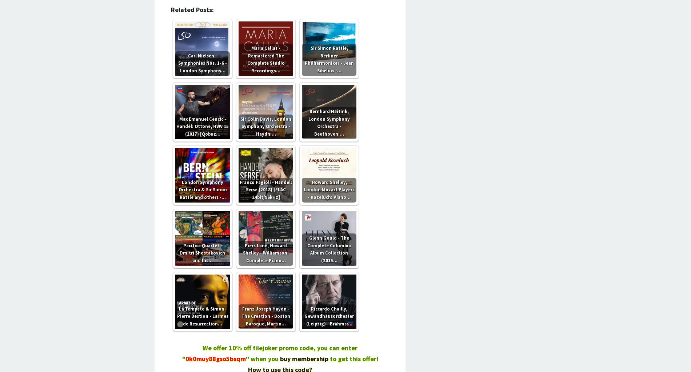  Describe the element at coordinates (328, 249) in the screenshot. I see `'Glenn Gould - The Complete Columbia Album Collection (2015…'` at that location.